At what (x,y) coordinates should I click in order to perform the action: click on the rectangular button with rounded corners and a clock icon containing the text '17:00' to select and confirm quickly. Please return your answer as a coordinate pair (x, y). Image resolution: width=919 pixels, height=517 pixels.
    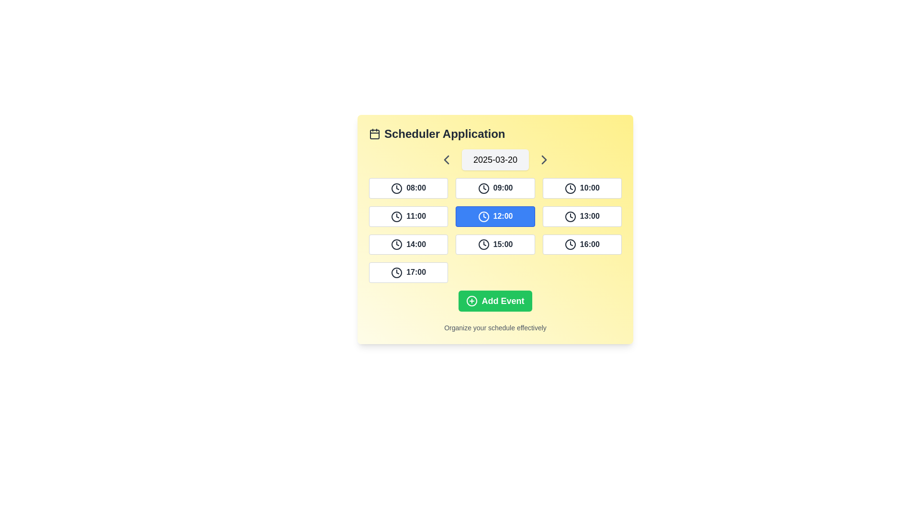
    Looking at the image, I should click on (408, 272).